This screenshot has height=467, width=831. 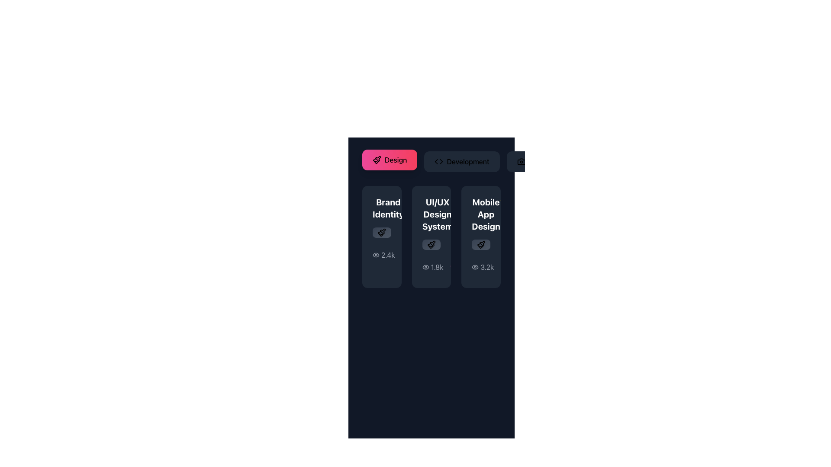 What do you see at coordinates (432, 214) in the screenshot?
I see `the text block titled 'UI/UX Design System' with a rating of '4.9' and a gold star icon, located in the second column under the 'Design' category` at bounding box center [432, 214].